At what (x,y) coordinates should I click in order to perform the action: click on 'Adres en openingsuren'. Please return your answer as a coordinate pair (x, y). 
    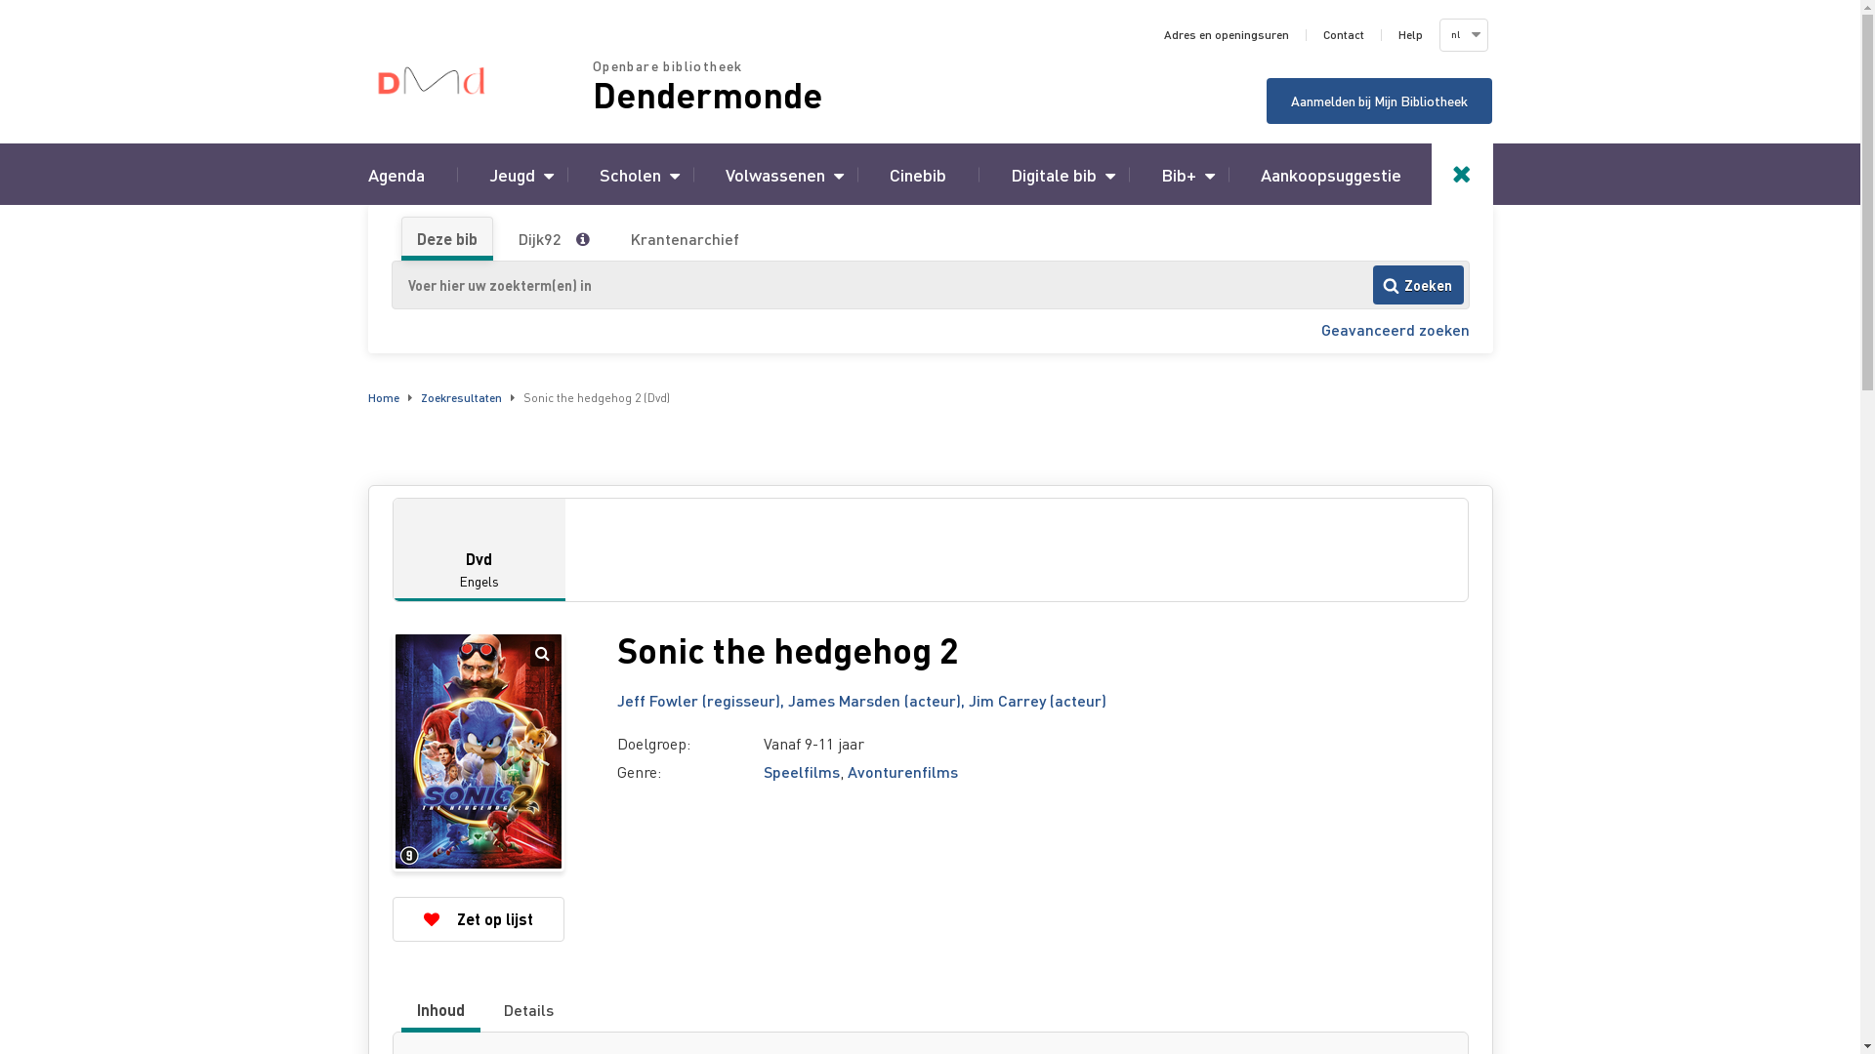
    Looking at the image, I should click on (1226, 34).